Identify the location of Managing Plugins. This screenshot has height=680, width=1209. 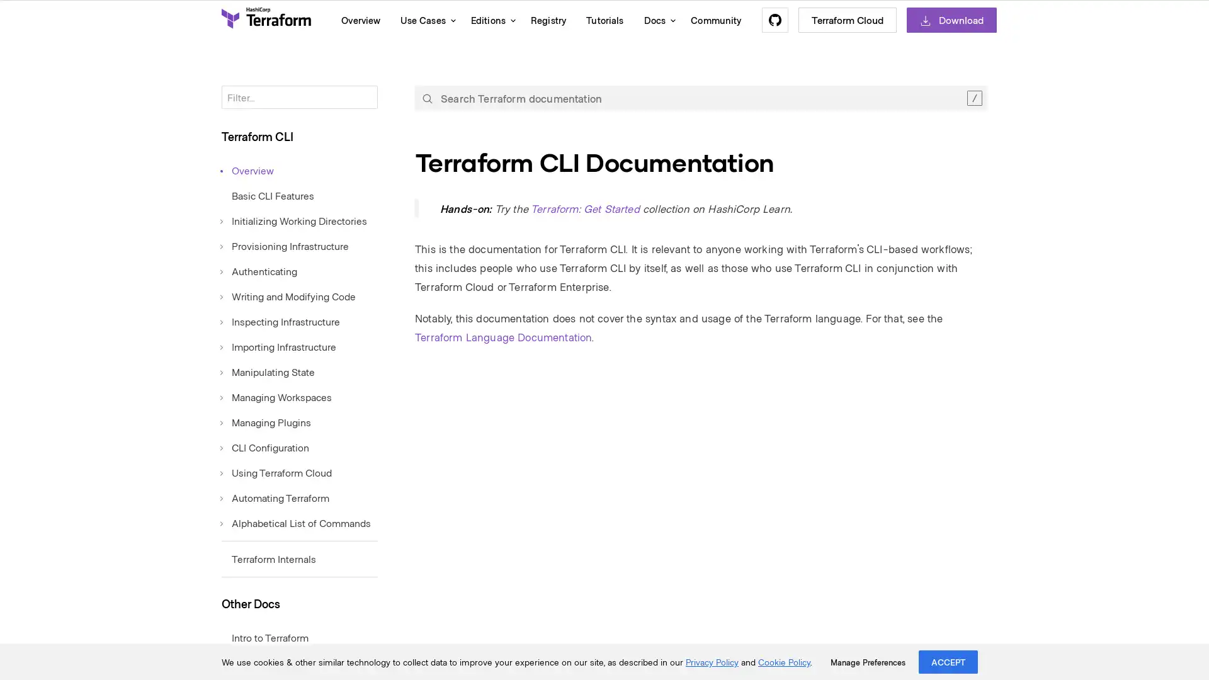
(265, 422).